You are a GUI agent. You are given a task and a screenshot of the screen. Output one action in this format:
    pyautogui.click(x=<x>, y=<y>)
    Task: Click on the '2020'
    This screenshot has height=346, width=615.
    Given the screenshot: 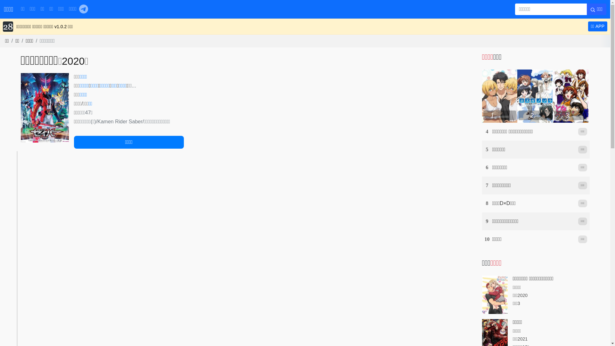 What is the action you would take?
    pyautogui.click(x=73, y=61)
    